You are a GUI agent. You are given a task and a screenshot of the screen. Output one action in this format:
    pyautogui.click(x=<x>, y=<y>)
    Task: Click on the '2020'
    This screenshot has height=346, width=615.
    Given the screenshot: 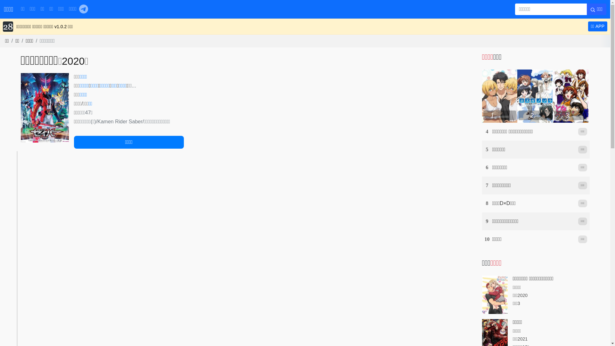 What is the action you would take?
    pyautogui.click(x=73, y=61)
    